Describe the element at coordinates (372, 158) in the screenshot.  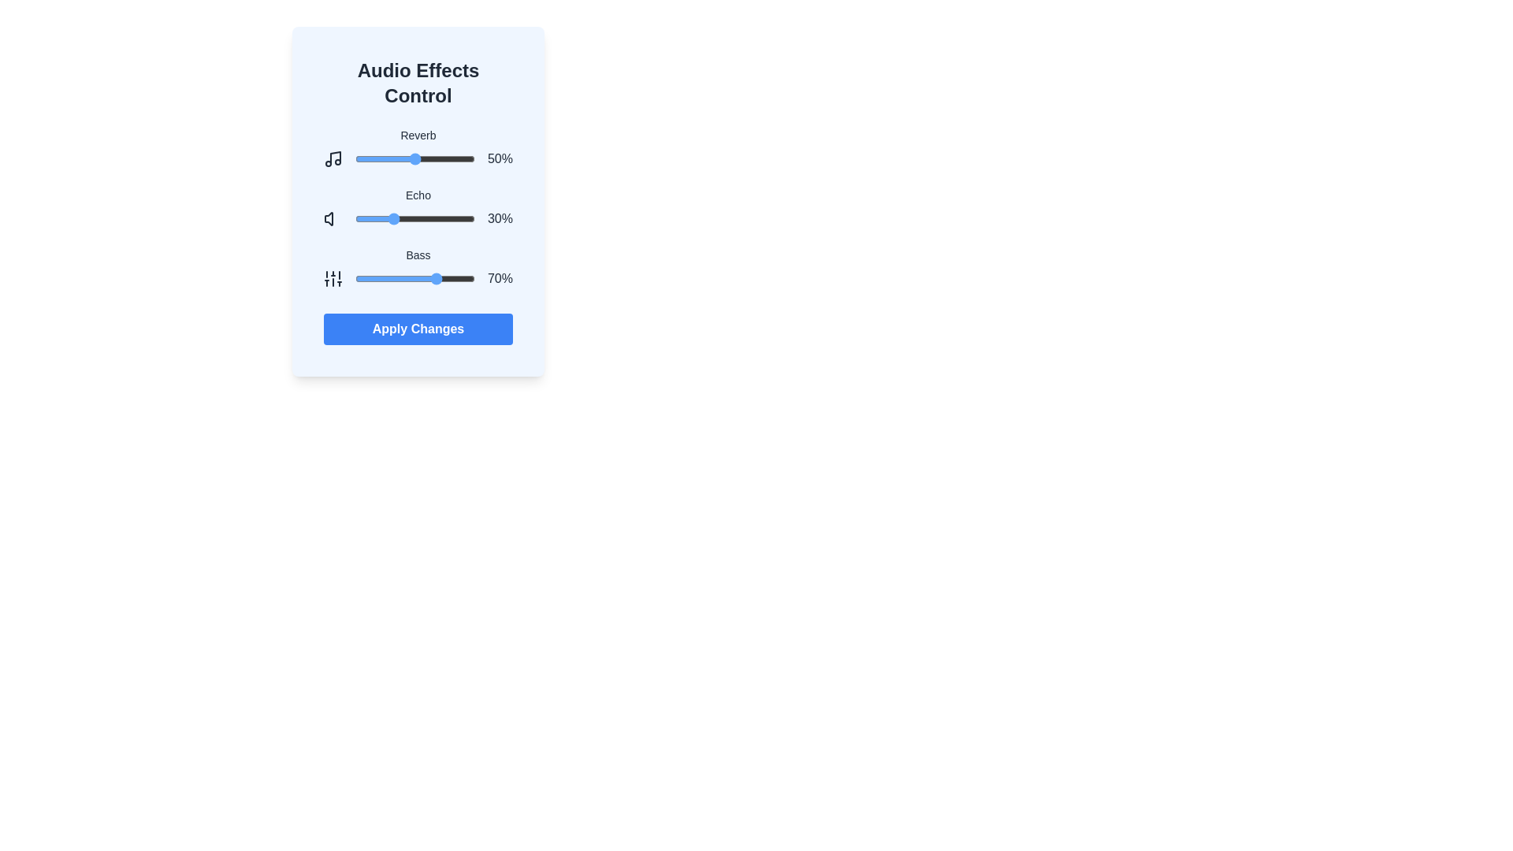
I see `the reverb level` at that location.